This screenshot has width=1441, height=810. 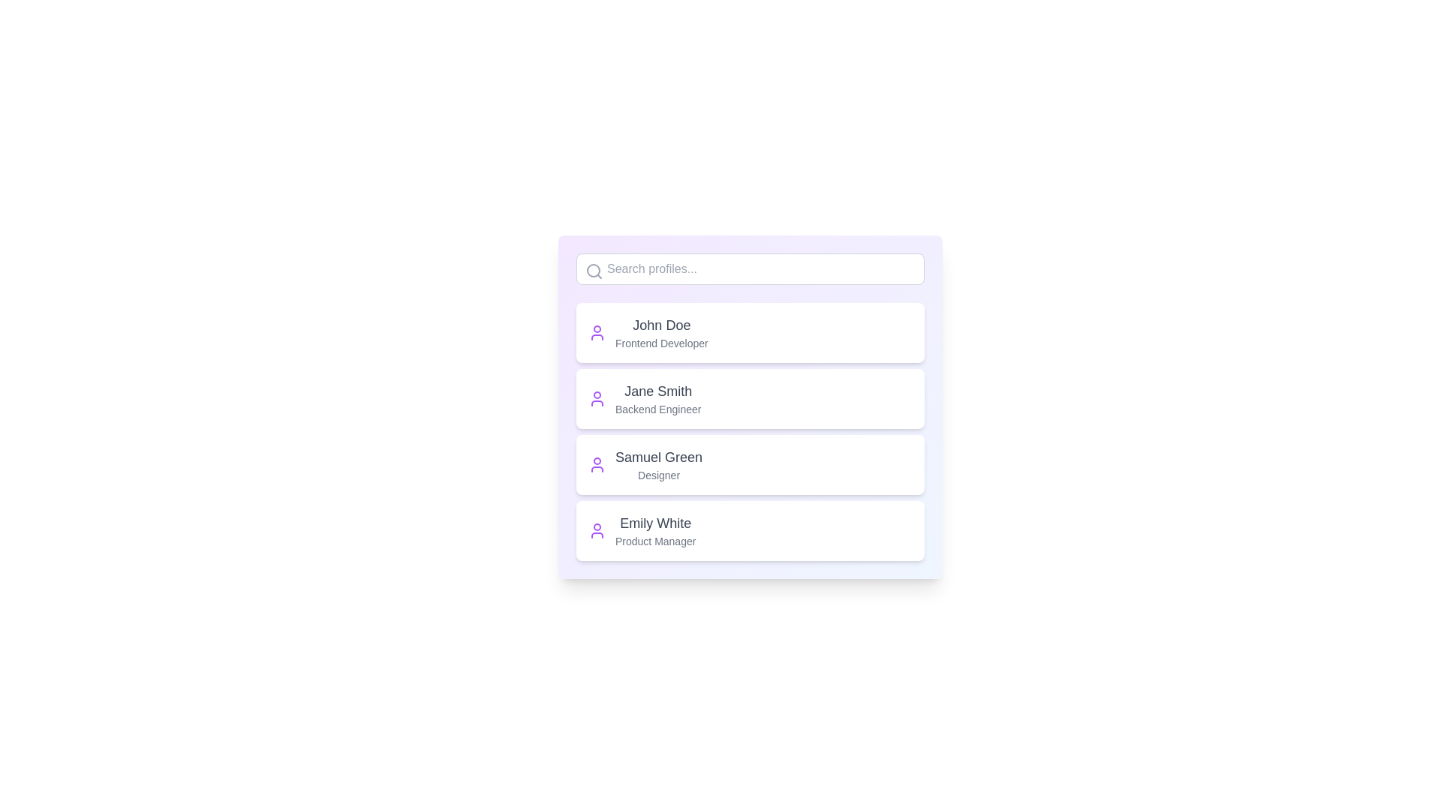 I want to click on the label that describes the role or occupation of 'Samuel Green' in the profile card, positioned underneath the name and centered horizontally, so click(x=659, y=475).